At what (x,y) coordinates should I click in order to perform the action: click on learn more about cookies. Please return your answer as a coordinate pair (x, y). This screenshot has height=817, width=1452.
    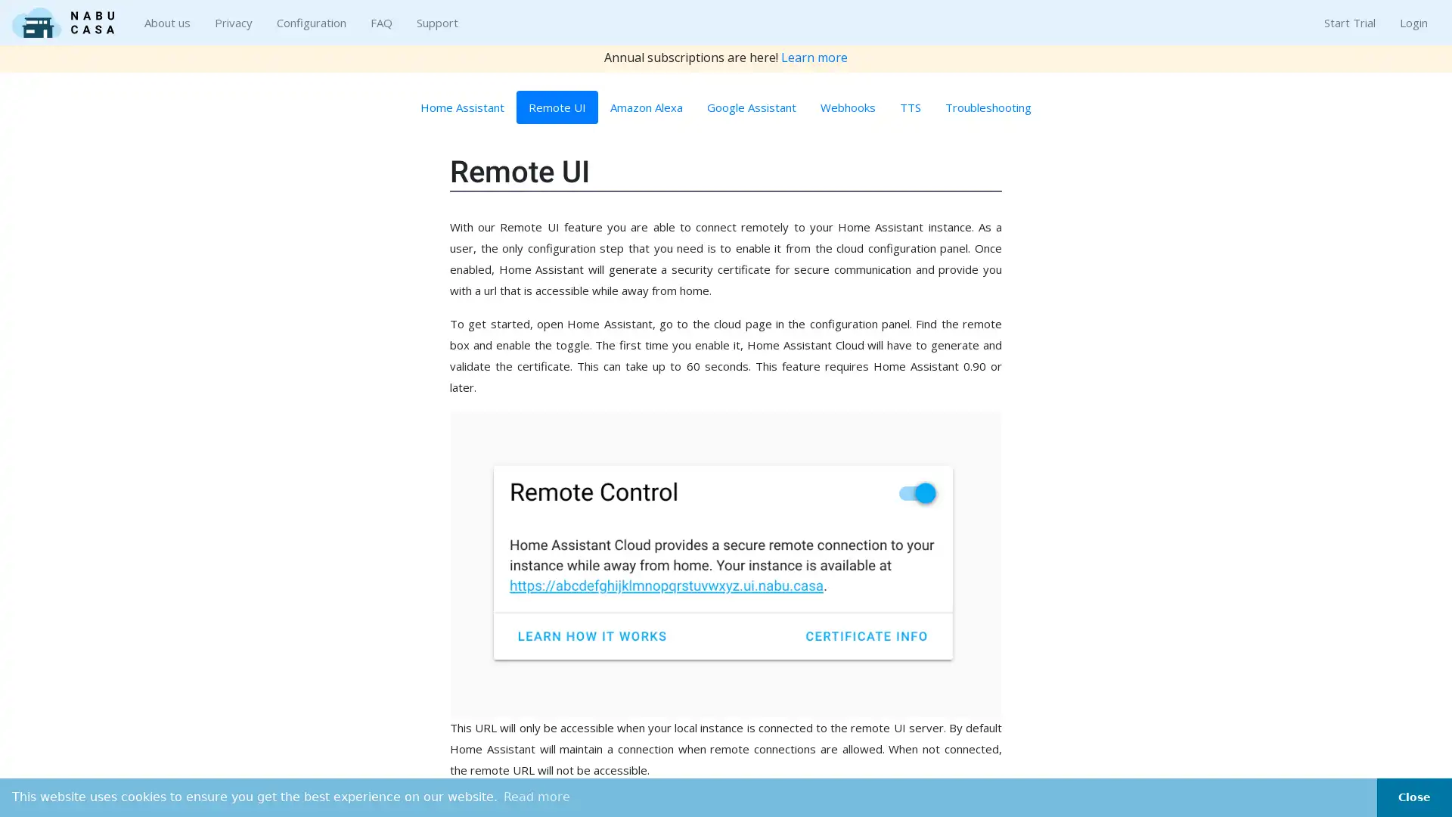
    Looking at the image, I should click on (537, 796).